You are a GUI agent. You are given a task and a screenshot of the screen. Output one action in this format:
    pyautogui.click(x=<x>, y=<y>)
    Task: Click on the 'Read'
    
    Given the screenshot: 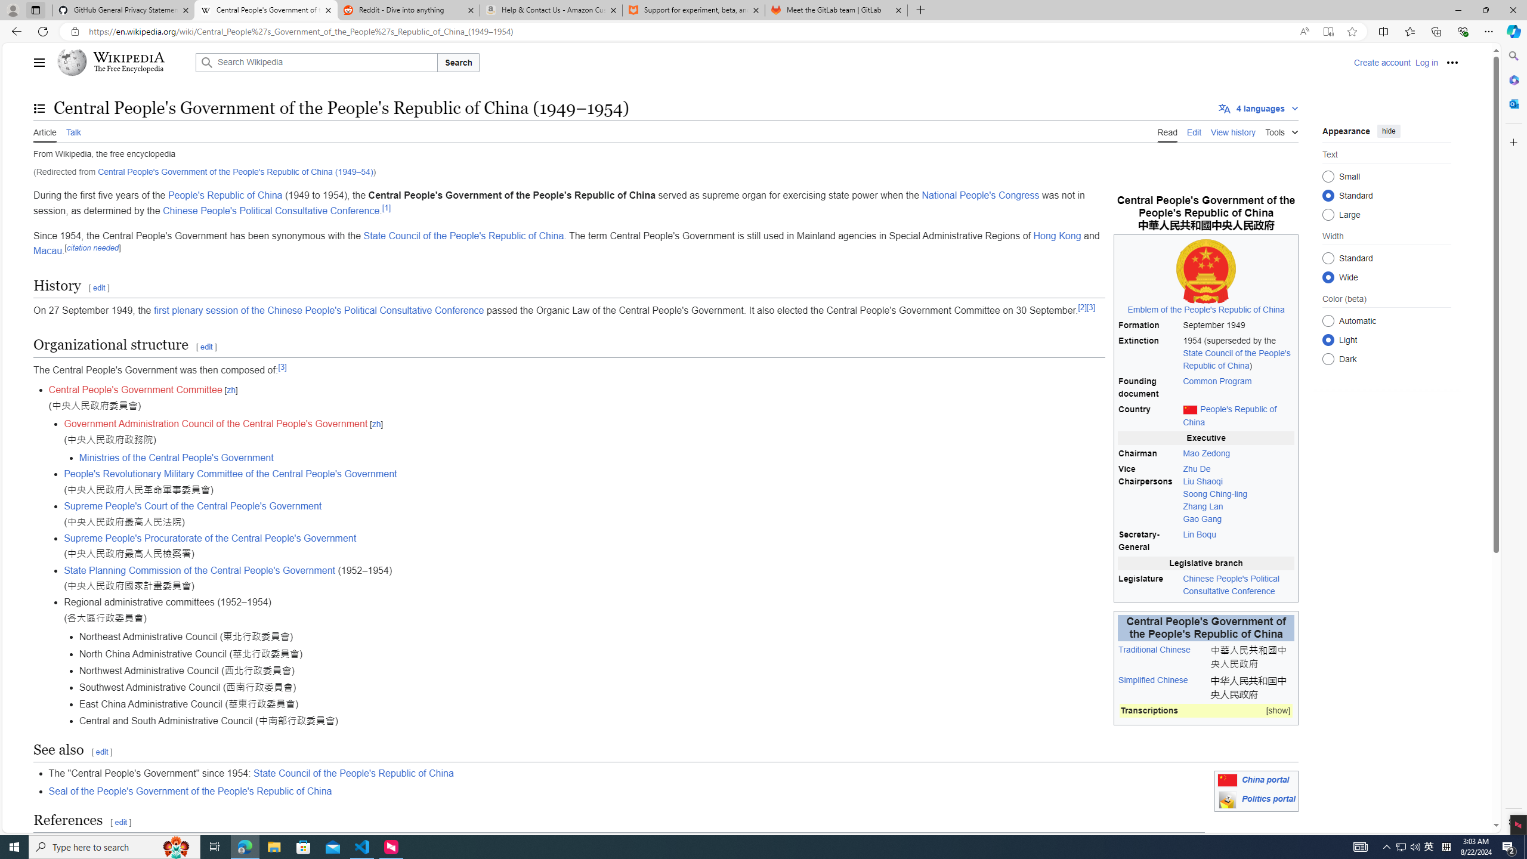 What is the action you would take?
    pyautogui.click(x=1167, y=130)
    